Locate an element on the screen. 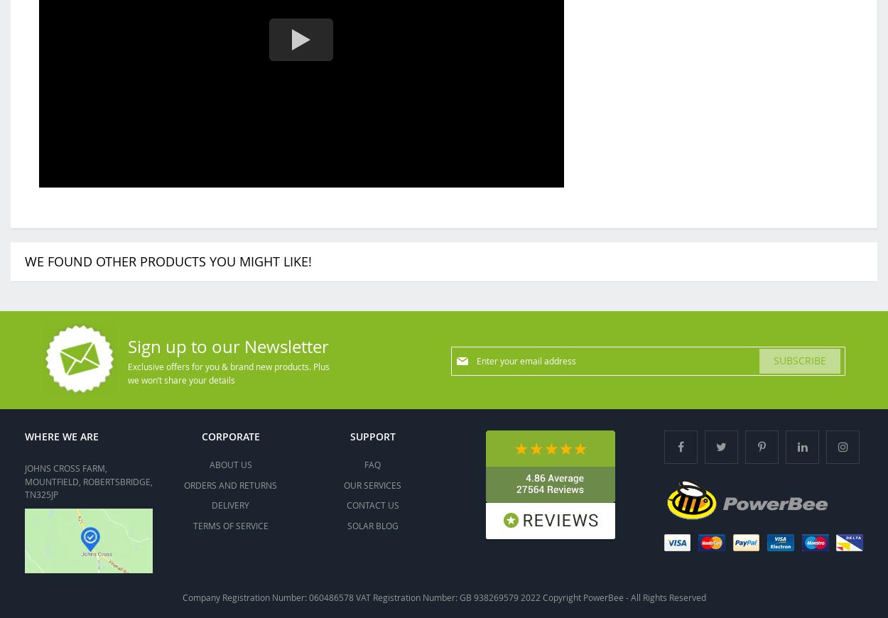 Image resolution: width=888 pixels, height=618 pixels. 'CORPORATE' is located at coordinates (229, 435).